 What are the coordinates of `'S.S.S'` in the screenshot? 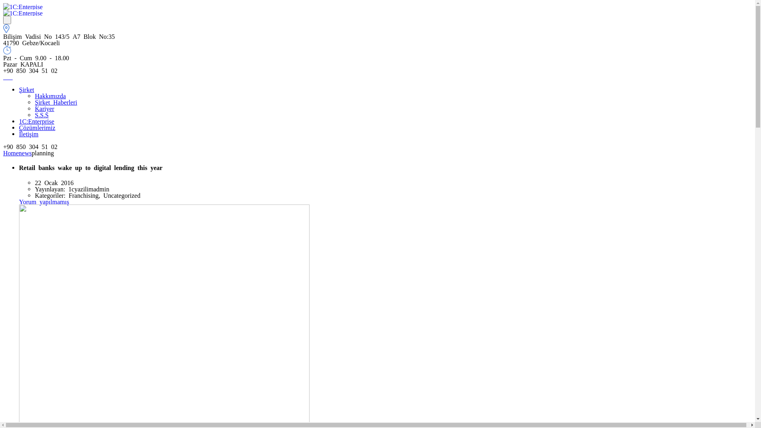 It's located at (41, 115).